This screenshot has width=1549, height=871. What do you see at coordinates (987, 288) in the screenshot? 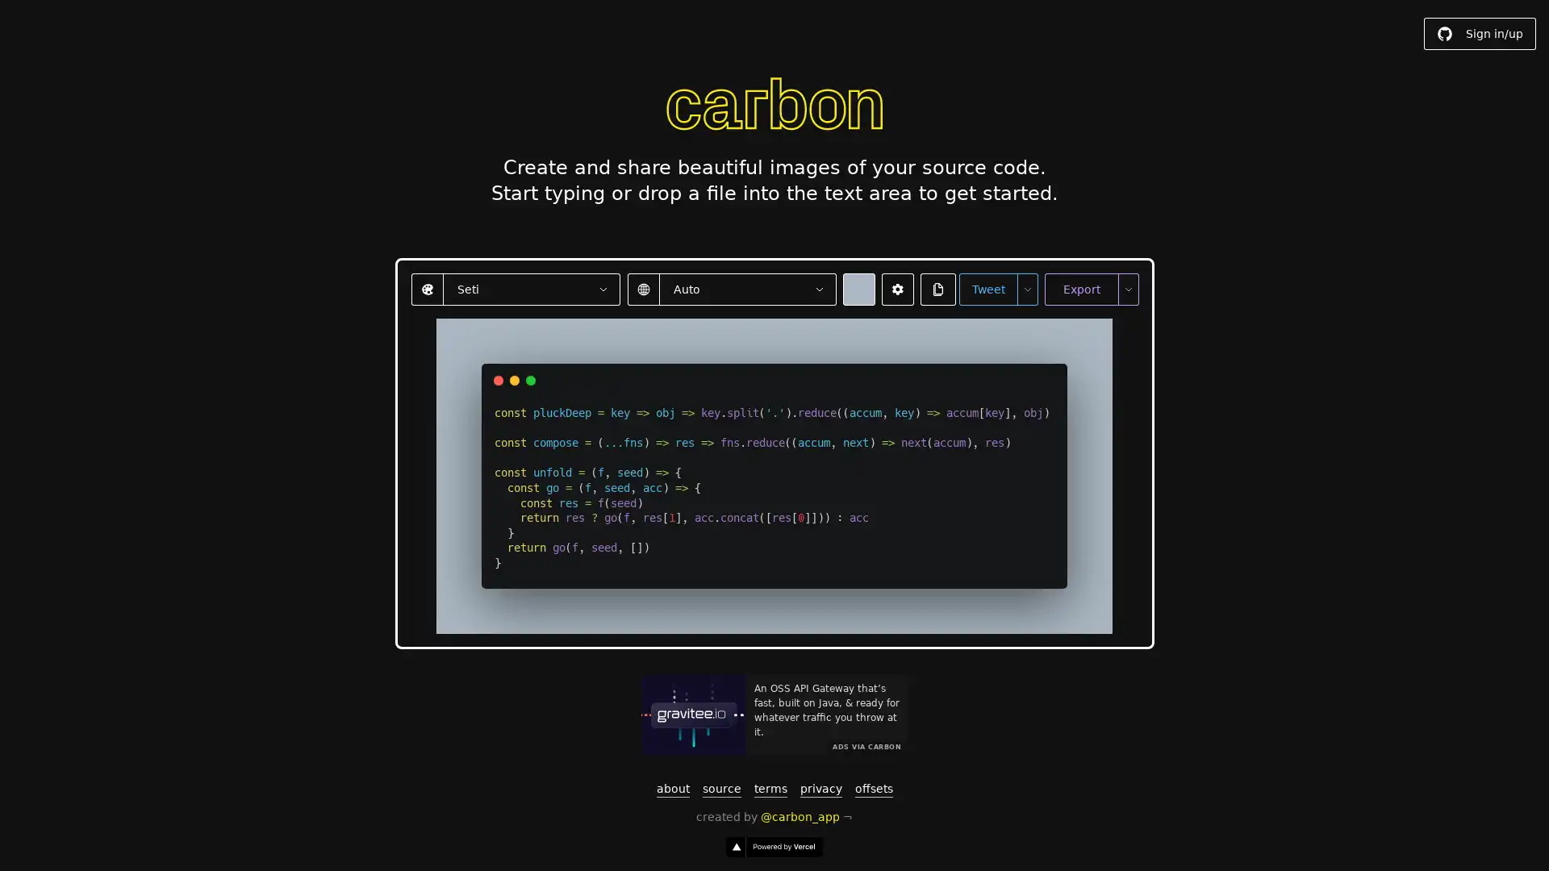
I see `Tweet` at bounding box center [987, 288].